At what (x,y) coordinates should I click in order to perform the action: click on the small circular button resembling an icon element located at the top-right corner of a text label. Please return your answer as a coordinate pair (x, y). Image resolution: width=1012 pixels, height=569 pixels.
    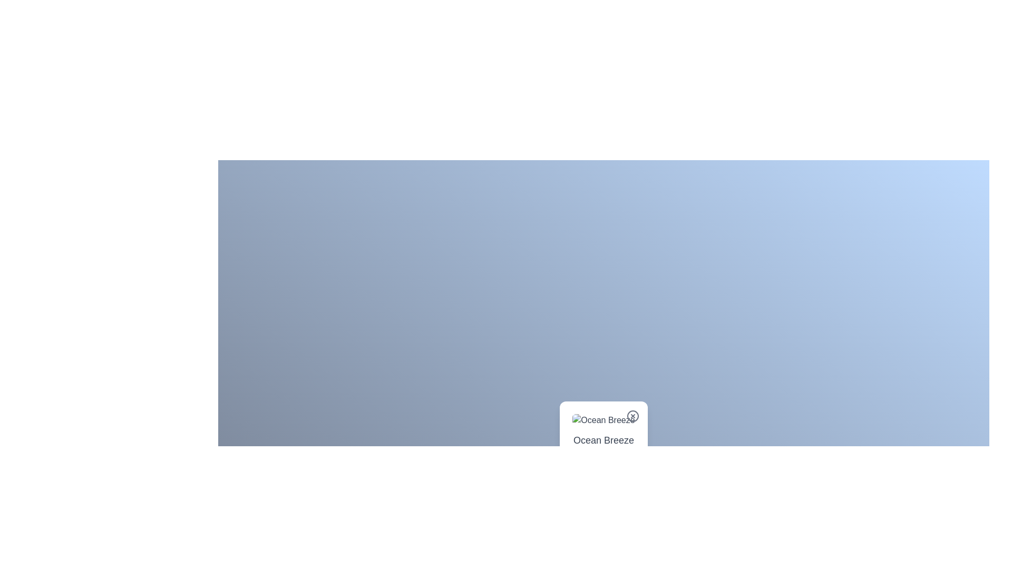
    Looking at the image, I should click on (632, 416).